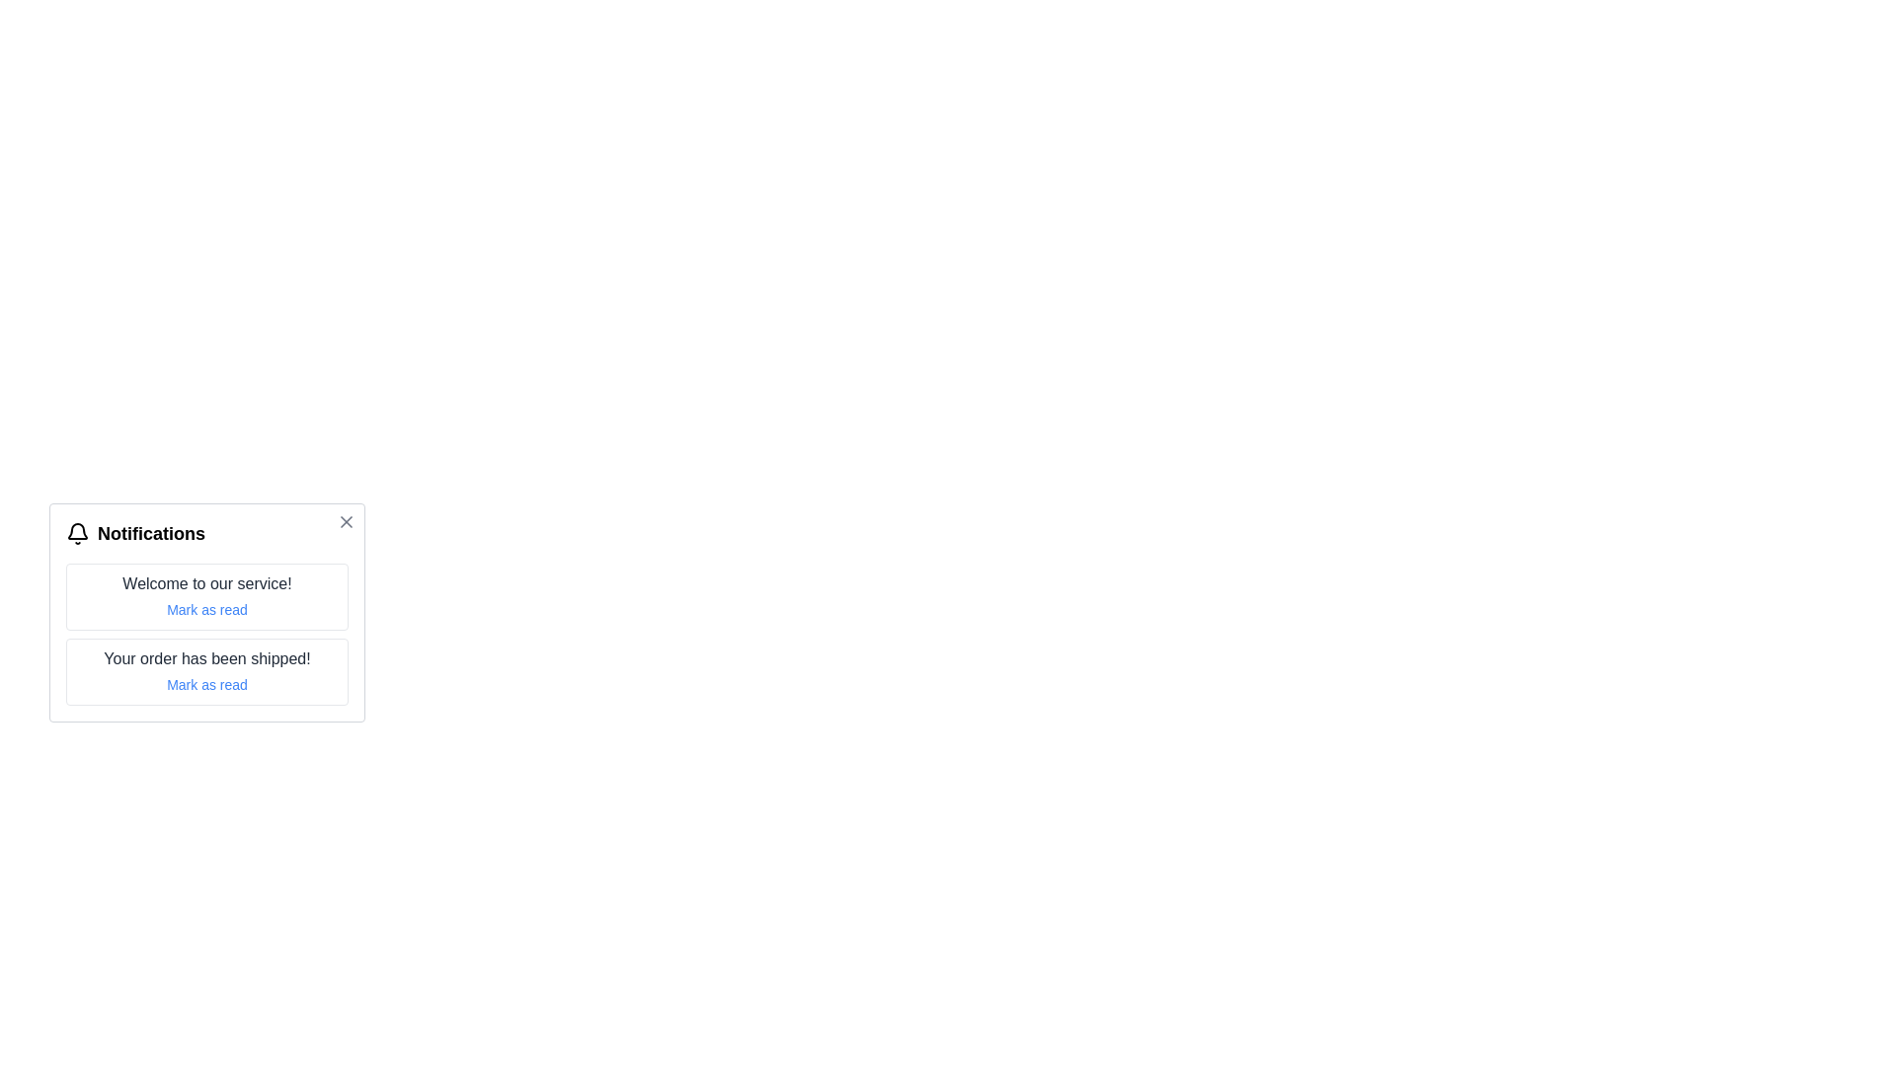  I want to click on text element that serves as the title or header for the notification panel, located at the rightmost position in the panel, aligned with the bell icon, so click(150, 533).